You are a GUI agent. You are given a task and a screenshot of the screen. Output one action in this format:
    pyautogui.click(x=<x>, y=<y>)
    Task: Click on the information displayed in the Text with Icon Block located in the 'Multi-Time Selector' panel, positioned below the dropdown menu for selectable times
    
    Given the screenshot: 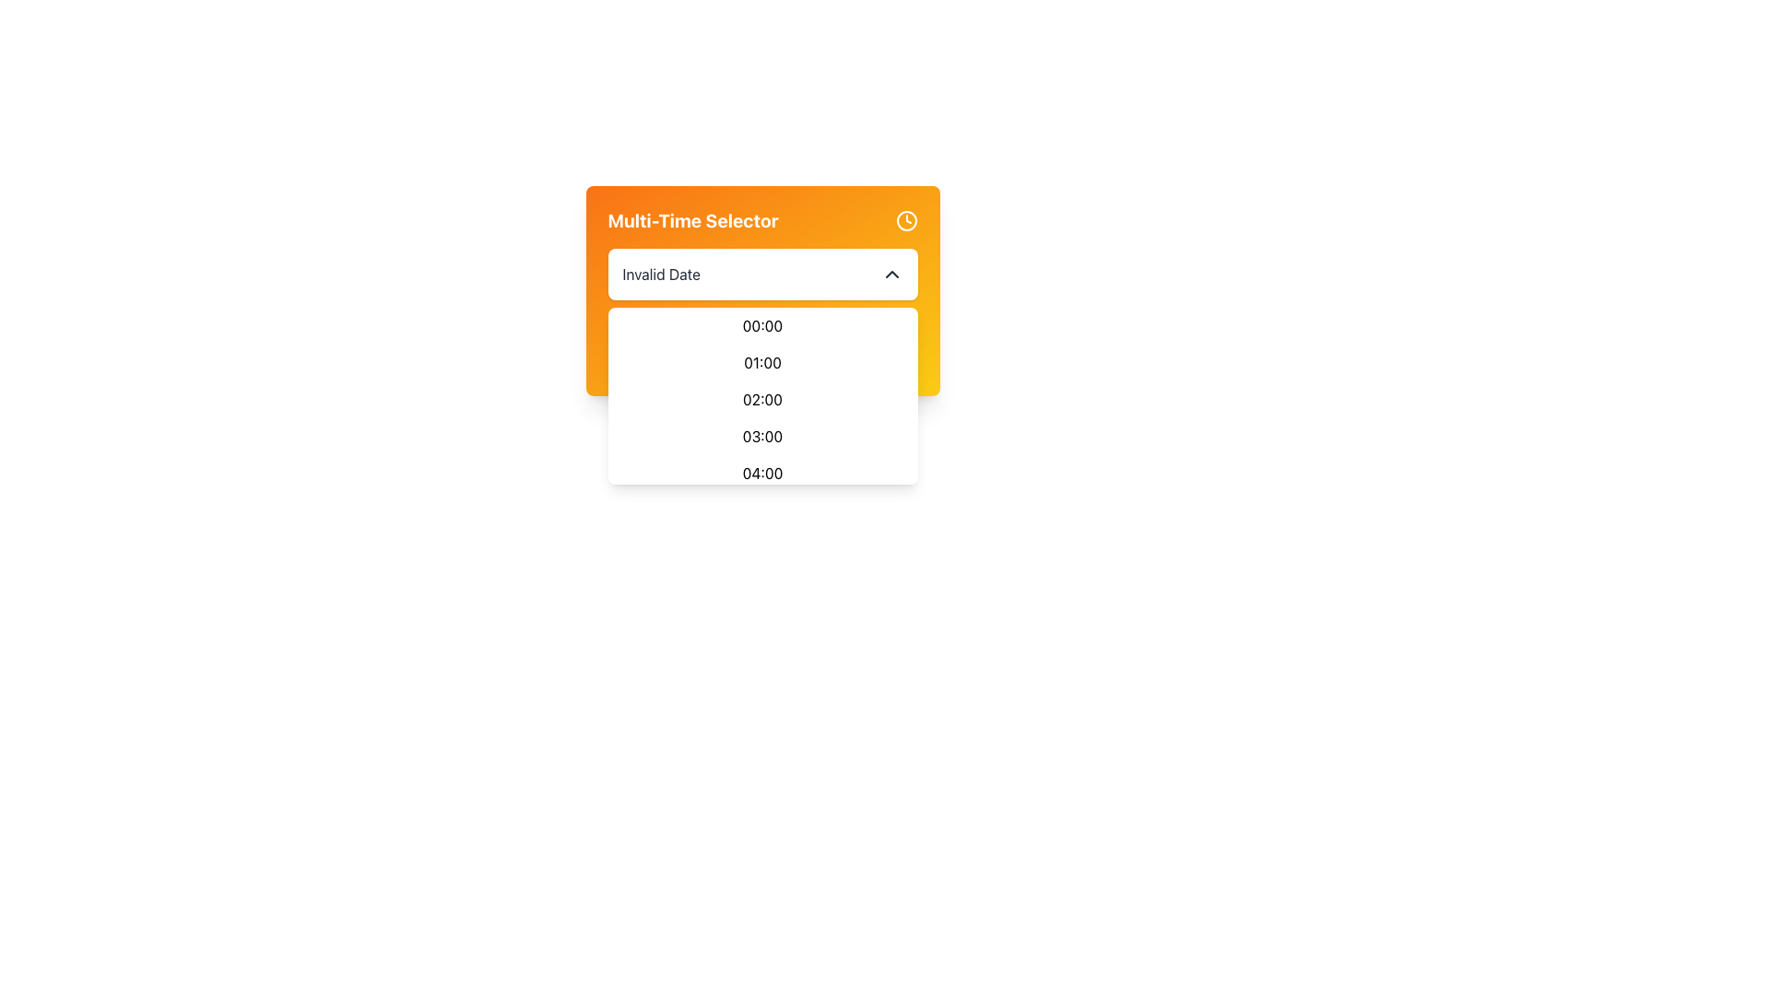 What is the action you would take?
    pyautogui.click(x=762, y=348)
    